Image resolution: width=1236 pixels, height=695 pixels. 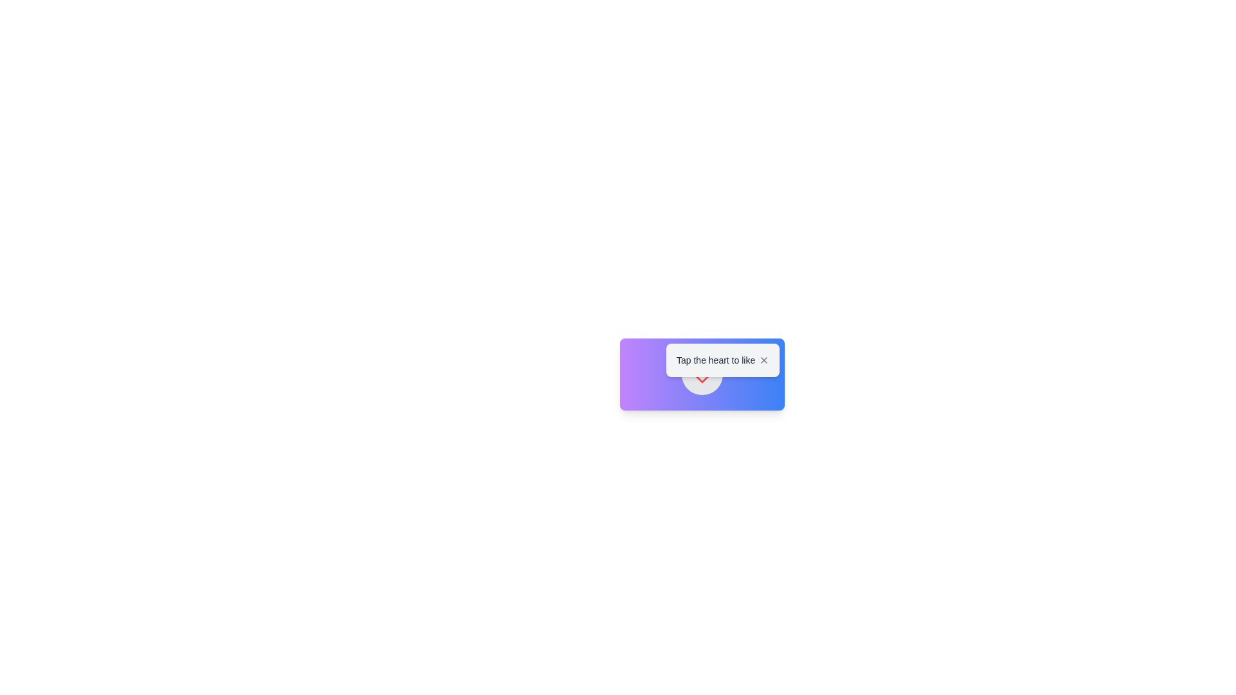 I want to click on the static text label that provides instructions for the interactive heart icon, so click(x=715, y=360).